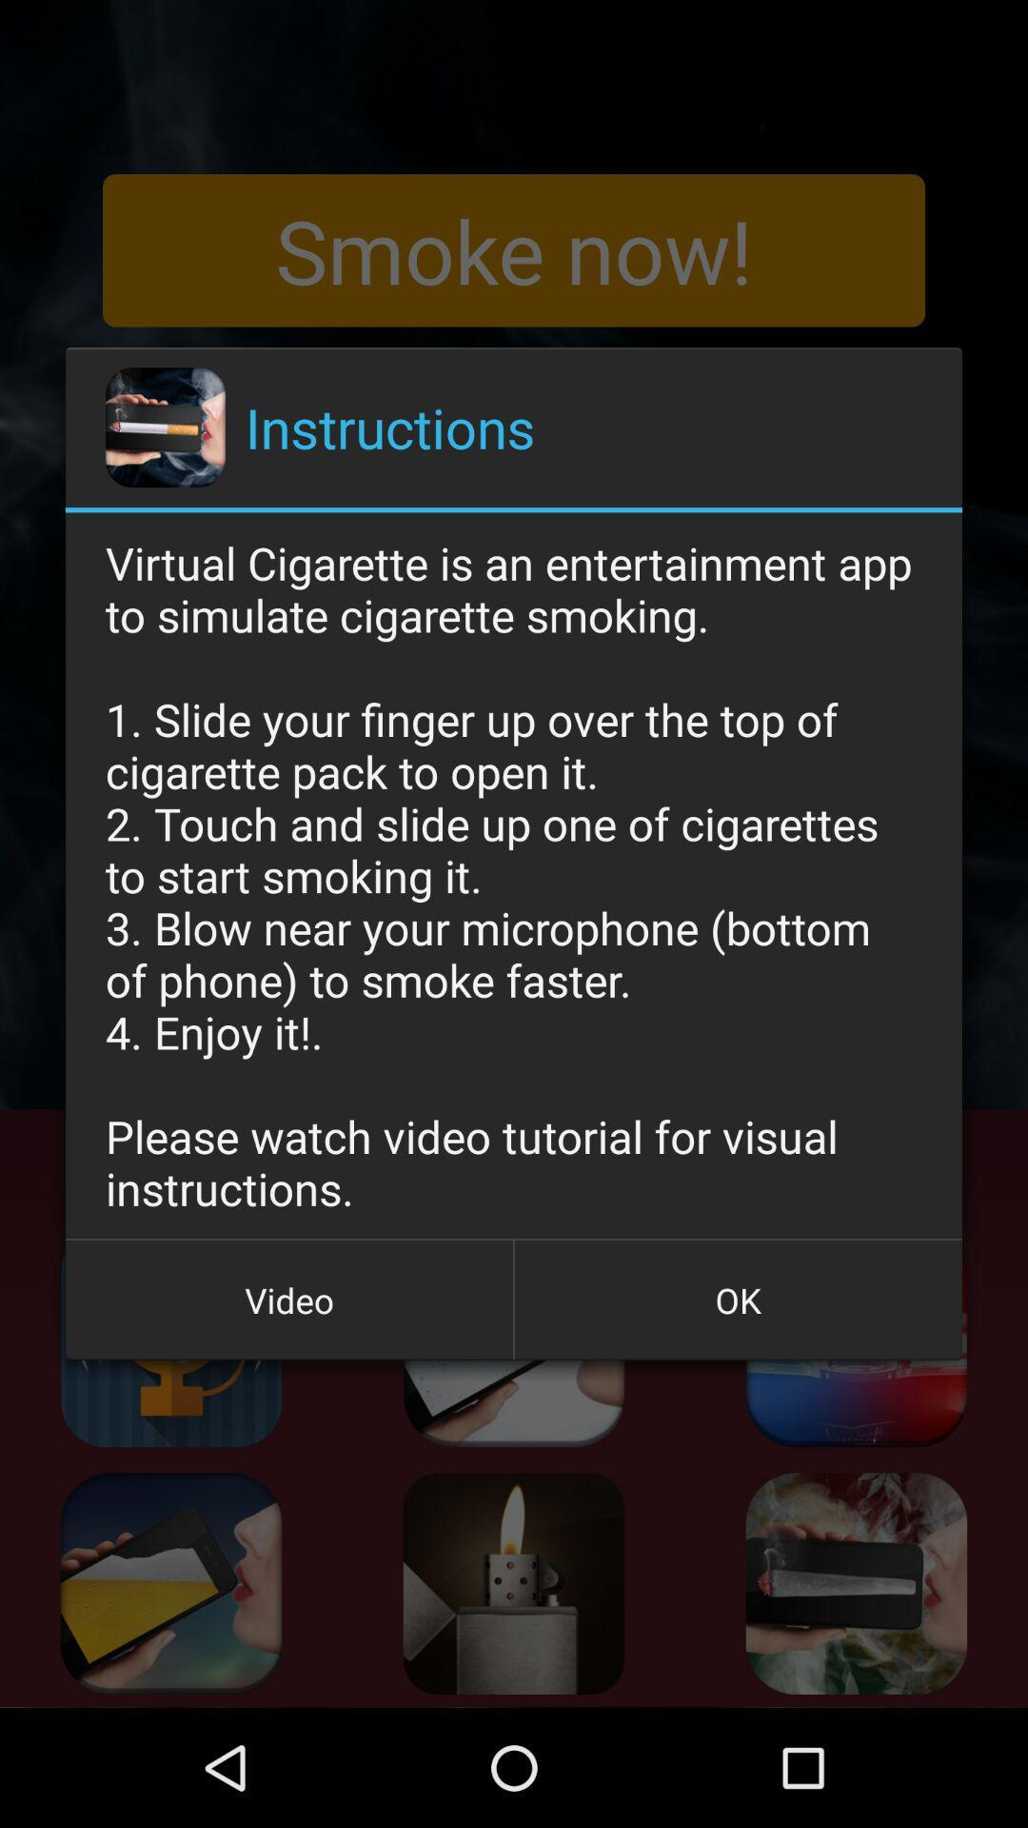 This screenshot has height=1828, width=1028. What do you see at coordinates (737, 1299) in the screenshot?
I see `the ok` at bounding box center [737, 1299].